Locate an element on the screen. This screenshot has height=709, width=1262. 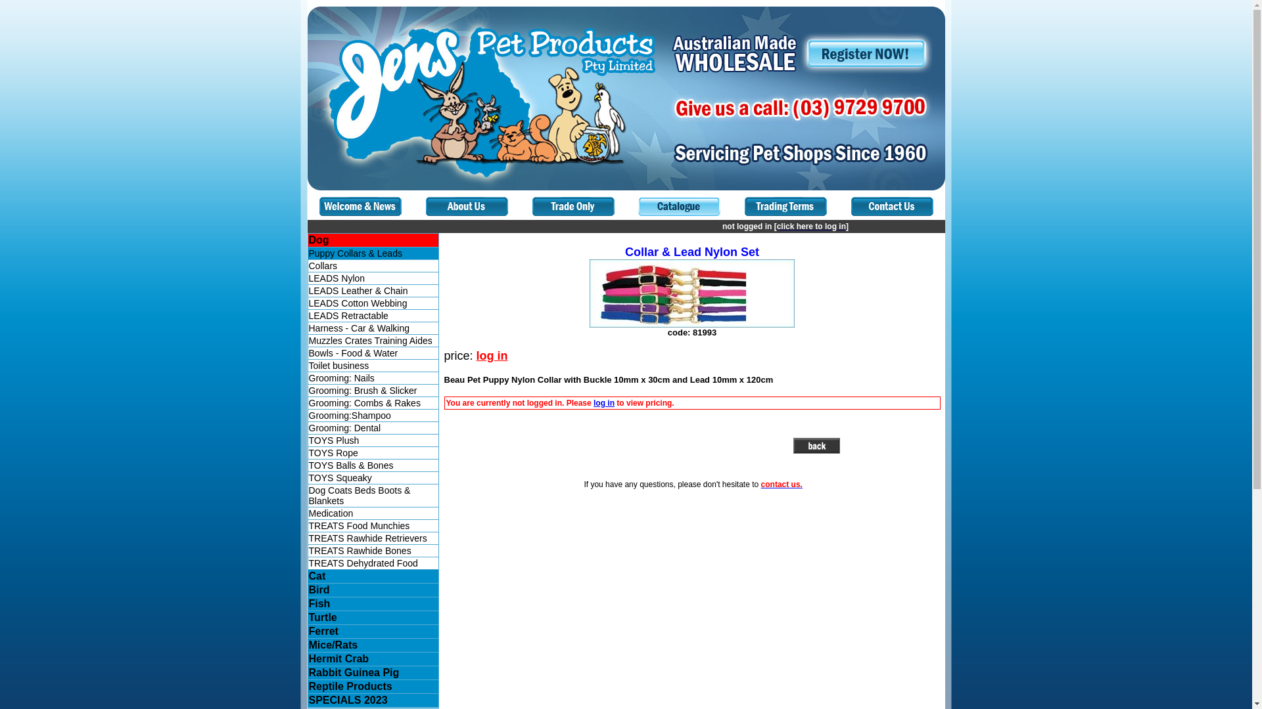
'Harness - Car & Walking' is located at coordinates (360, 328).